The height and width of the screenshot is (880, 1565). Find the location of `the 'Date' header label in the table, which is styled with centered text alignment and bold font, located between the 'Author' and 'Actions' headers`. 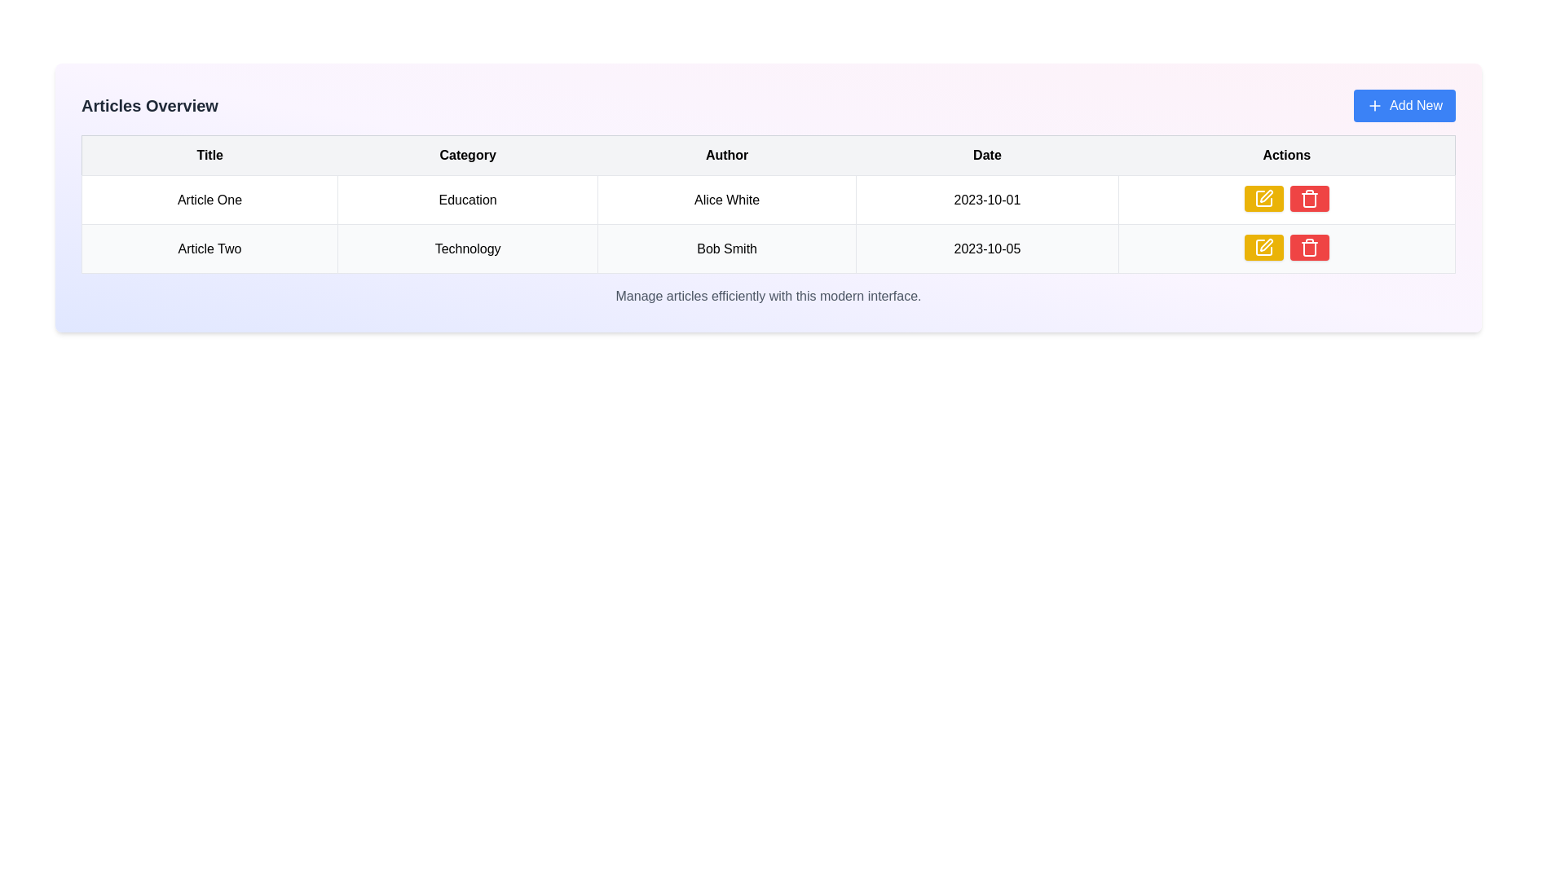

the 'Date' header label in the table, which is styled with centered text alignment and bold font, located between the 'Author' and 'Actions' headers is located at coordinates (986, 156).